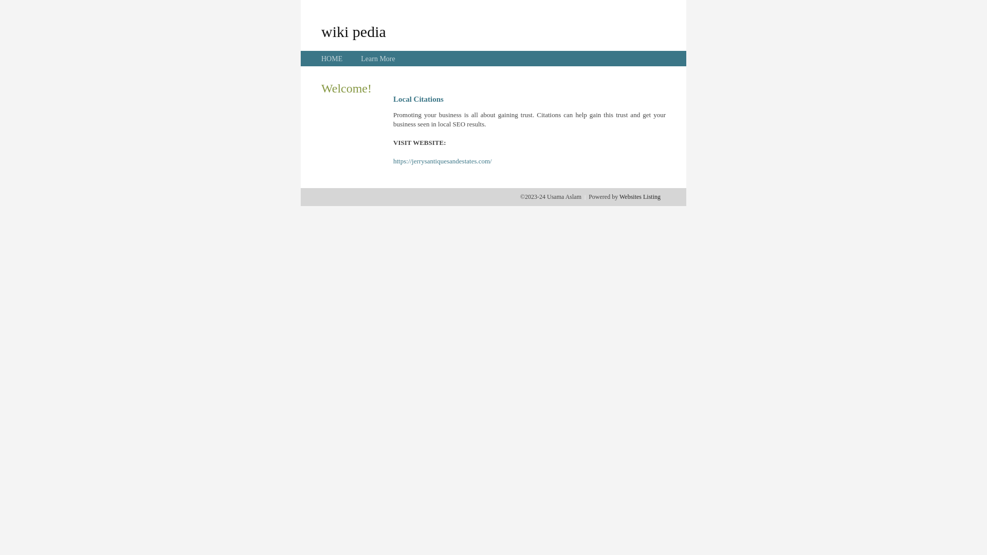  What do you see at coordinates (353, 31) in the screenshot?
I see `'wiki pedia'` at bounding box center [353, 31].